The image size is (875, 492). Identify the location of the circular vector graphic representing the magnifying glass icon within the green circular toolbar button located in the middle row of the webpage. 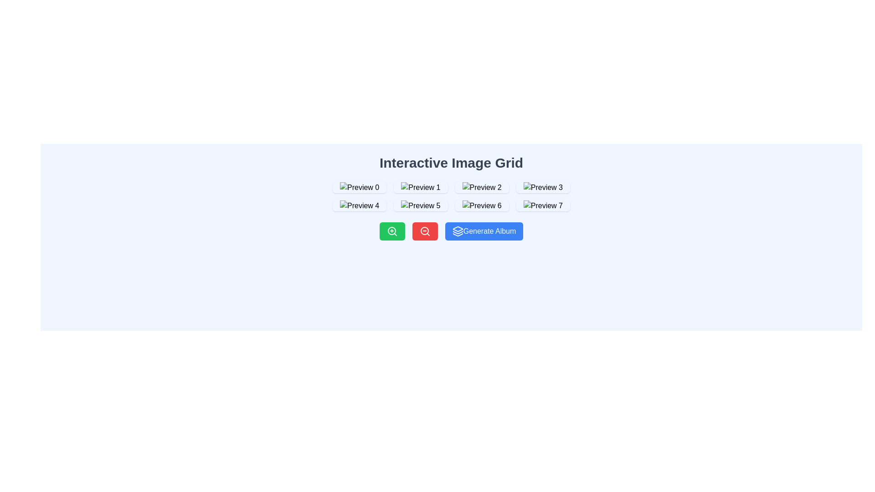
(391, 230).